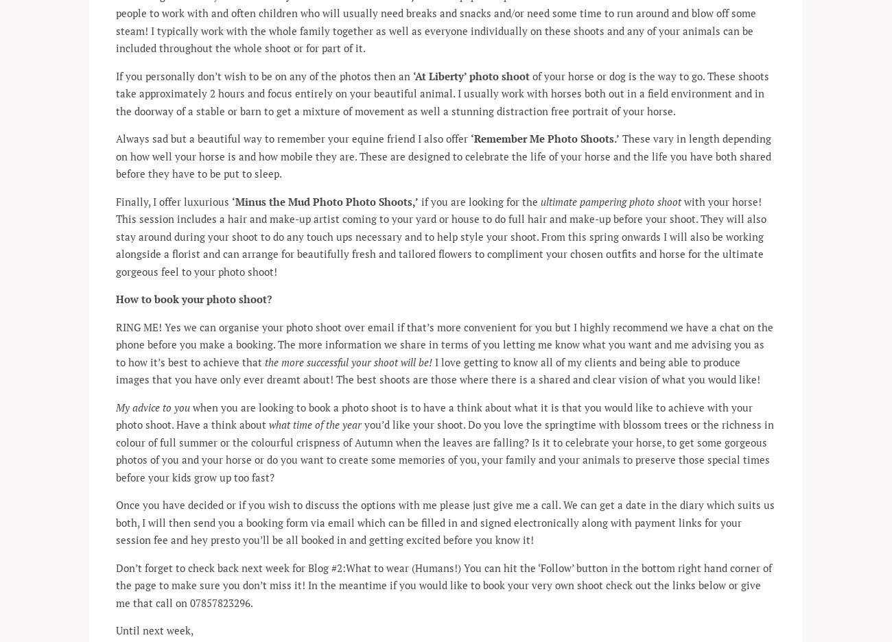 Image resolution: width=892 pixels, height=642 pixels. What do you see at coordinates (445, 343) in the screenshot?
I see `'RING ME! Yes we can organise your photo shoot over email if that’s more convenient for you but I highly recommend we have a chat on the phone before you make a booking. The more information we share in terms of you letting me know what you want and me advising you as to how it’s best to achieve that'` at bounding box center [445, 343].